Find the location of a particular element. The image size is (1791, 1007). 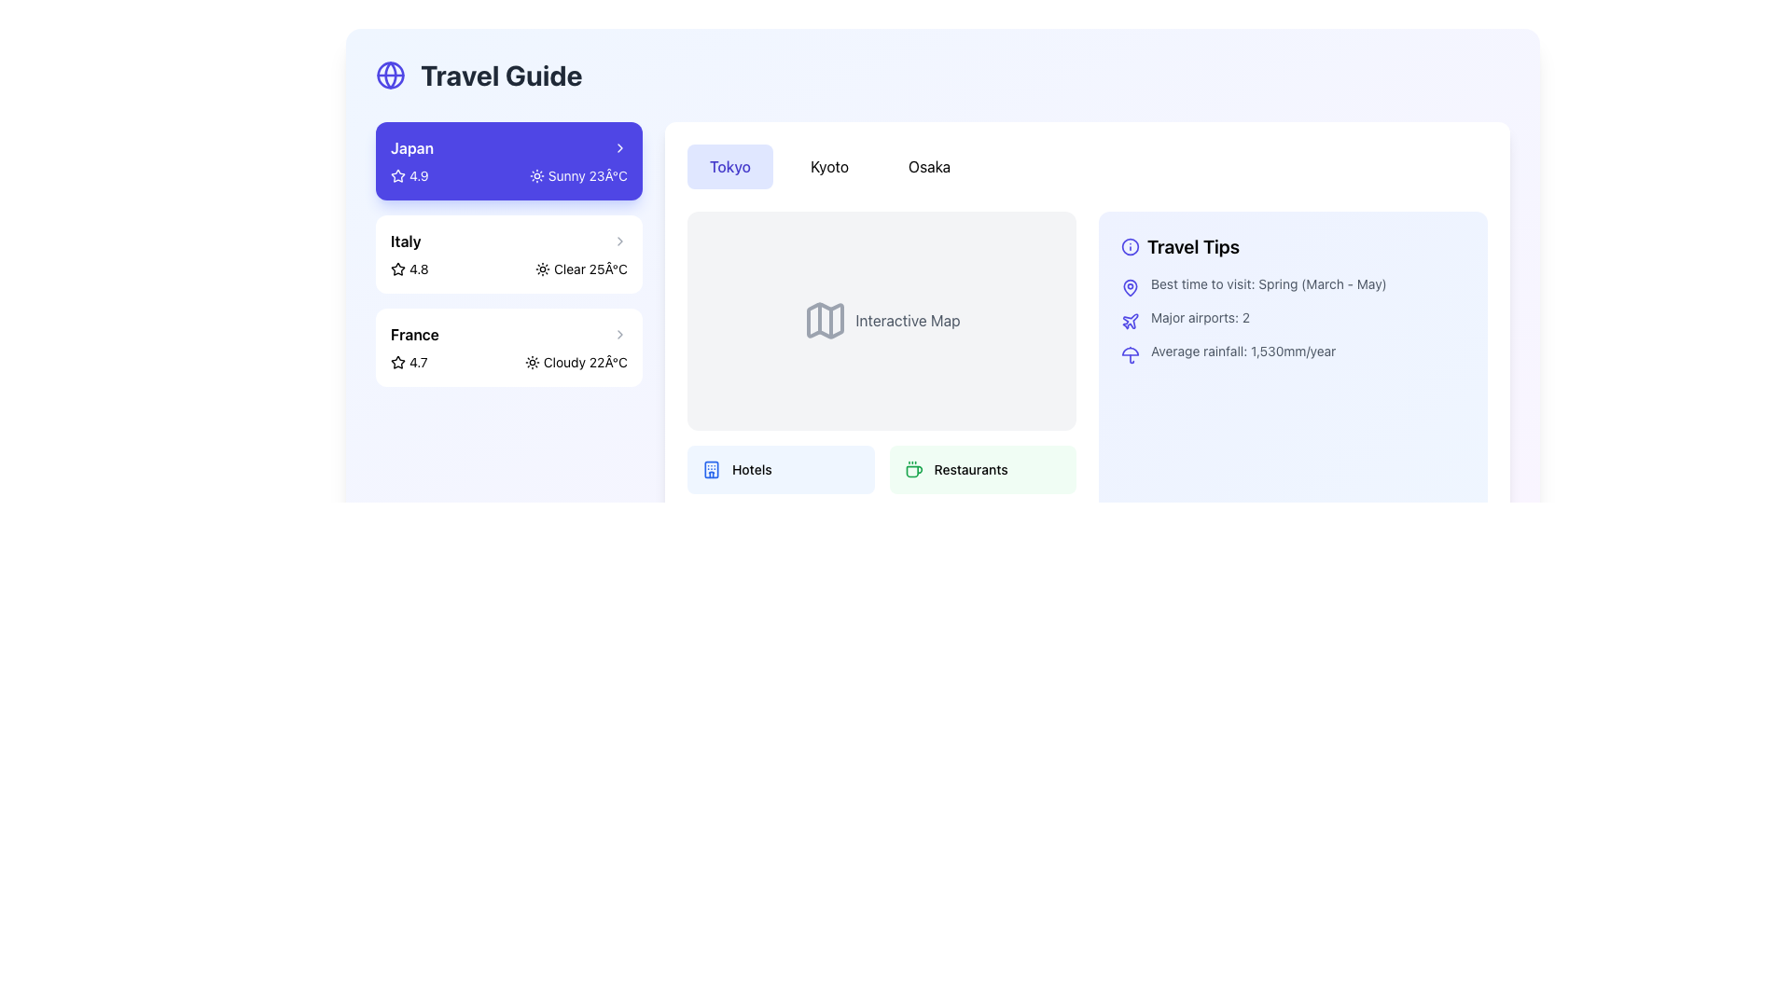

the star icon representing the rating '4.7' located in the 'France' list item of the 'Travel Guide' panel to initiate an interaction is located at coordinates (408, 363).